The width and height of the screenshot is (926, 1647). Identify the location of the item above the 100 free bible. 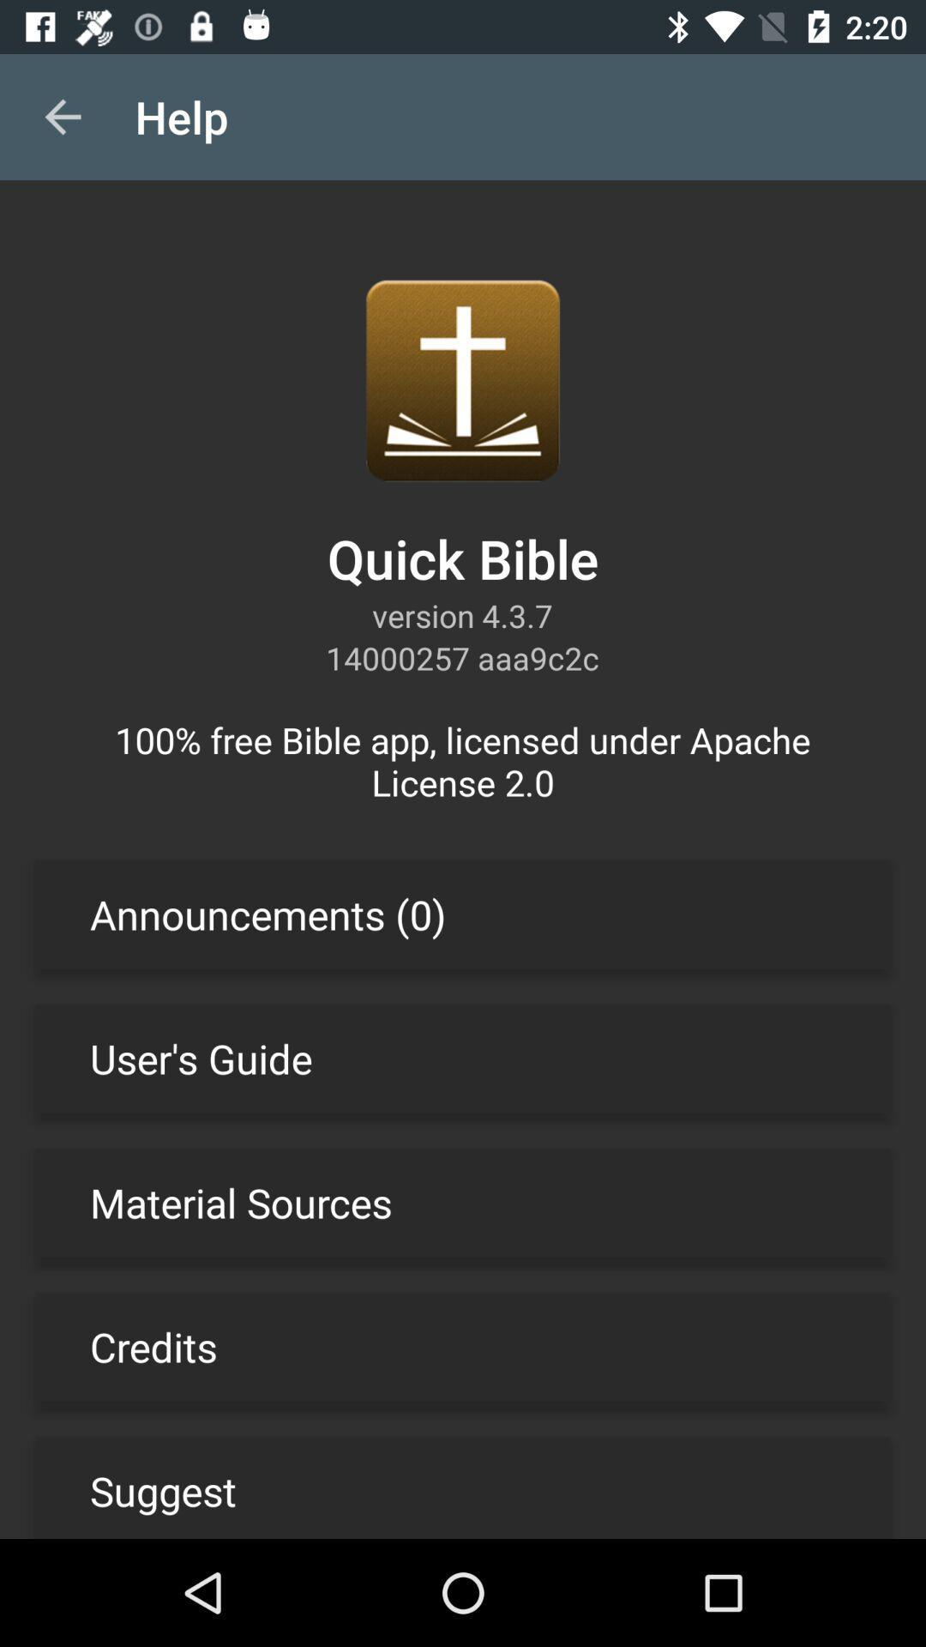
(62, 116).